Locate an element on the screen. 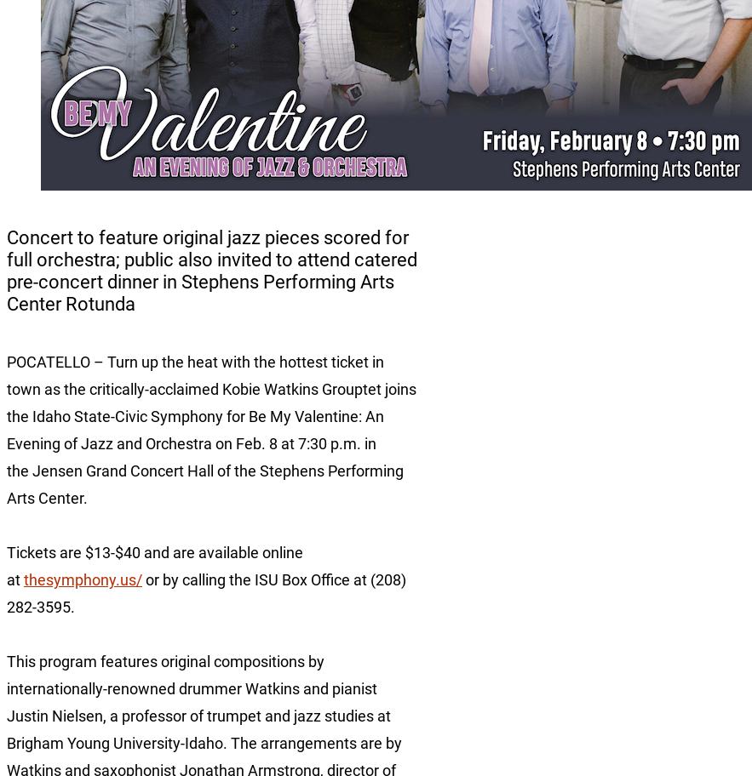 This screenshot has height=776, width=752. 'Idaho Falls' is located at coordinates (38, 398).